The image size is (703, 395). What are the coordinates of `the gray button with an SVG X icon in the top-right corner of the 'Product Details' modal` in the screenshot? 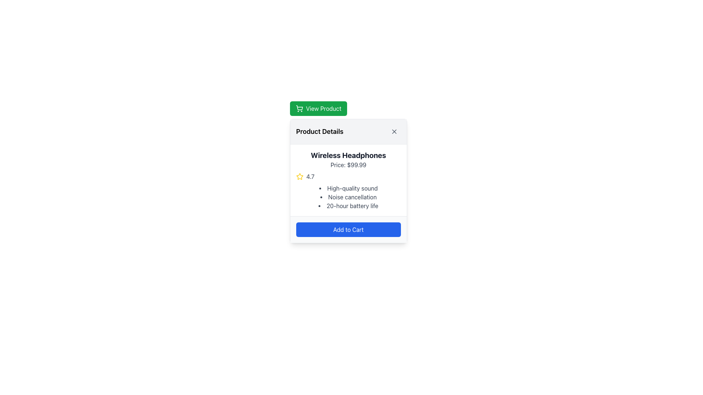 It's located at (394, 131).